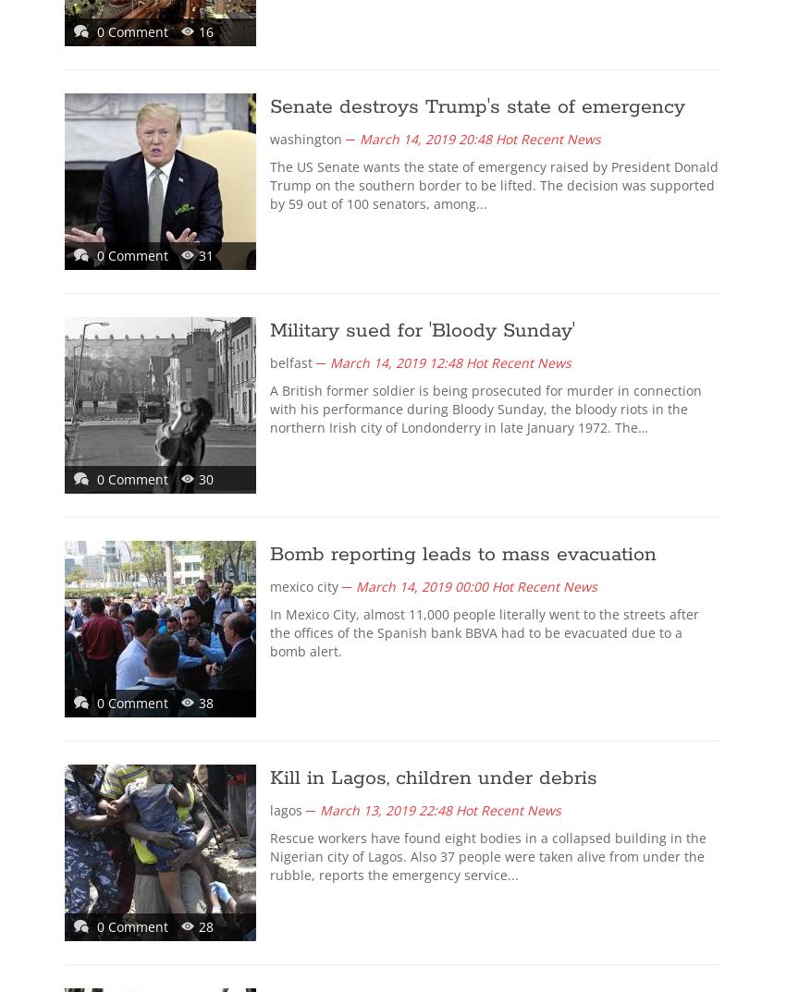  What do you see at coordinates (434, 777) in the screenshot?
I see `'Kill in Lagos, children under debris'` at bounding box center [434, 777].